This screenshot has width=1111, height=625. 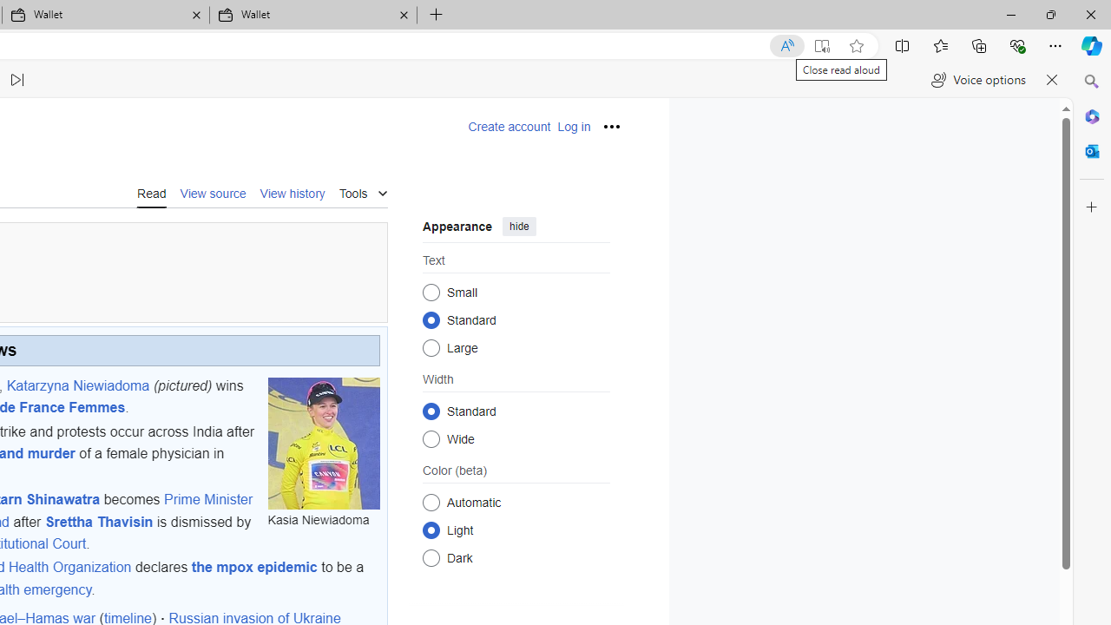 What do you see at coordinates (76, 384) in the screenshot?
I see `'Katarzyna Niewiadoma'` at bounding box center [76, 384].